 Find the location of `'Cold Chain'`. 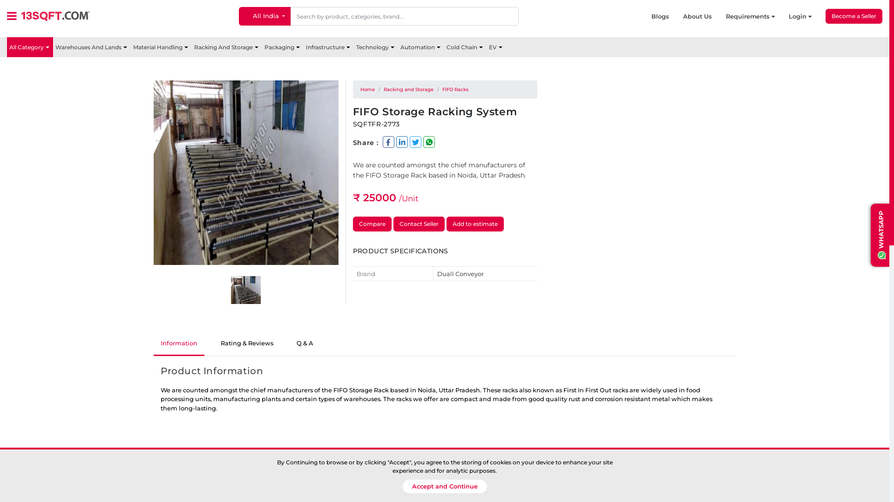

'Cold Chain' is located at coordinates (465, 47).